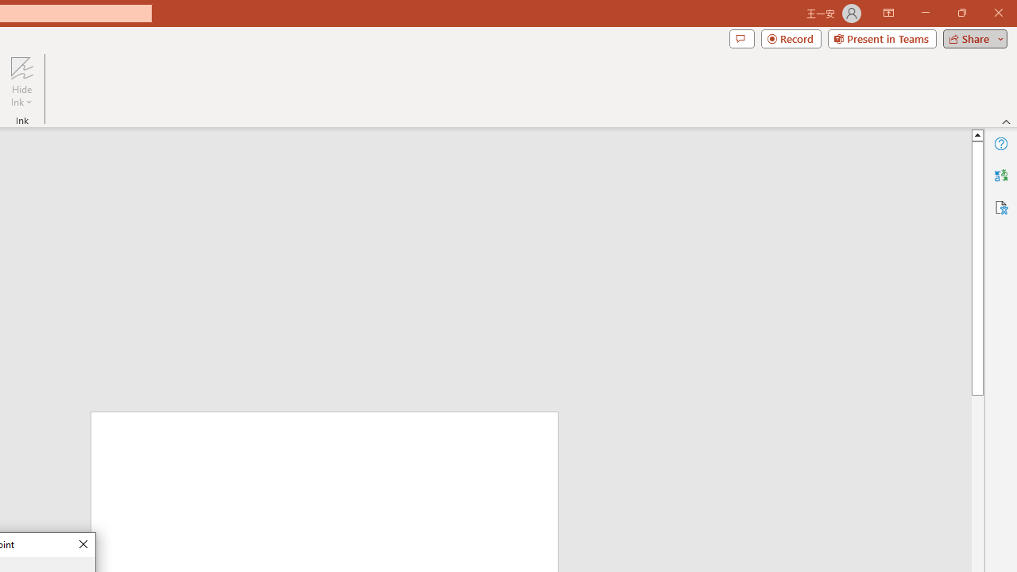  I want to click on 'Collapse the Ribbon', so click(1006, 121).